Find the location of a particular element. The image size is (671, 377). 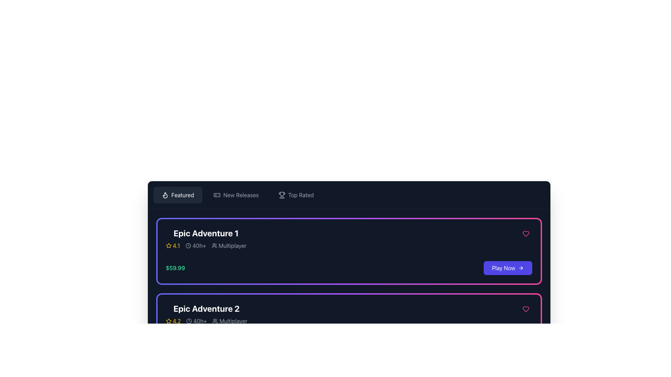

the 'Top Rated' text label, which is a light gray label on a dark background in the top navigation bar, to potentially display additional information is located at coordinates (301, 195).